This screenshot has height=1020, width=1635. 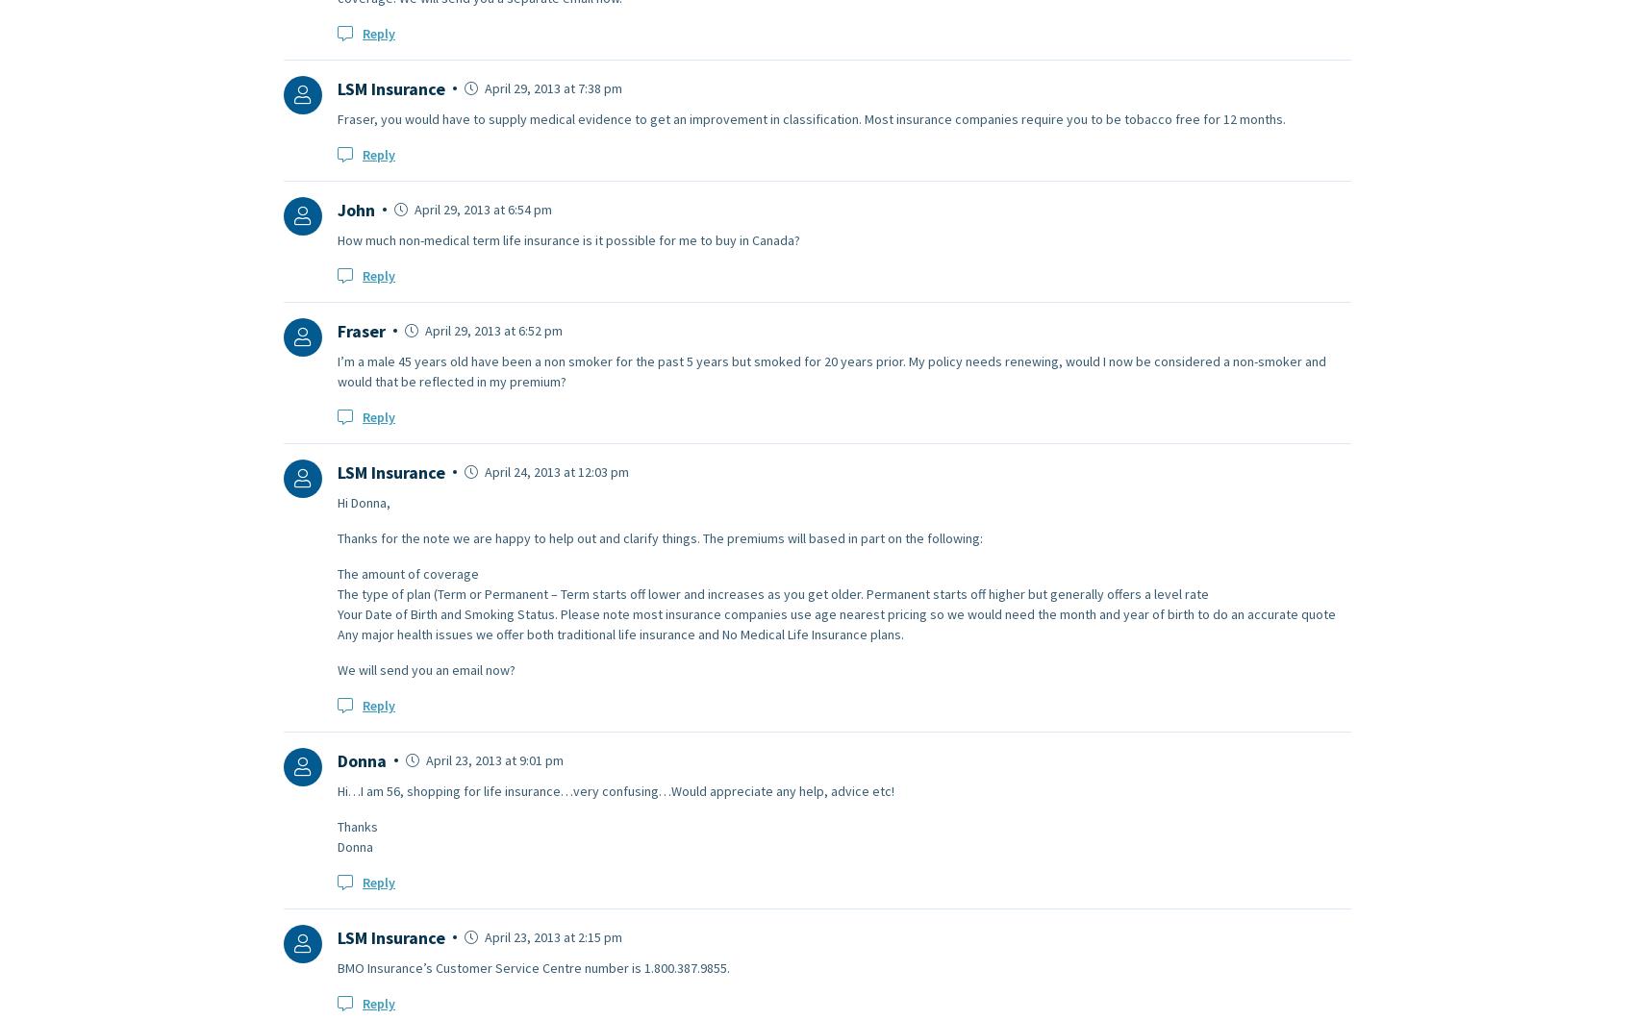 What do you see at coordinates (481, 207) in the screenshot?
I see `'April 29, 2013 at 6:54 pm'` at bounding box center [481, 207].